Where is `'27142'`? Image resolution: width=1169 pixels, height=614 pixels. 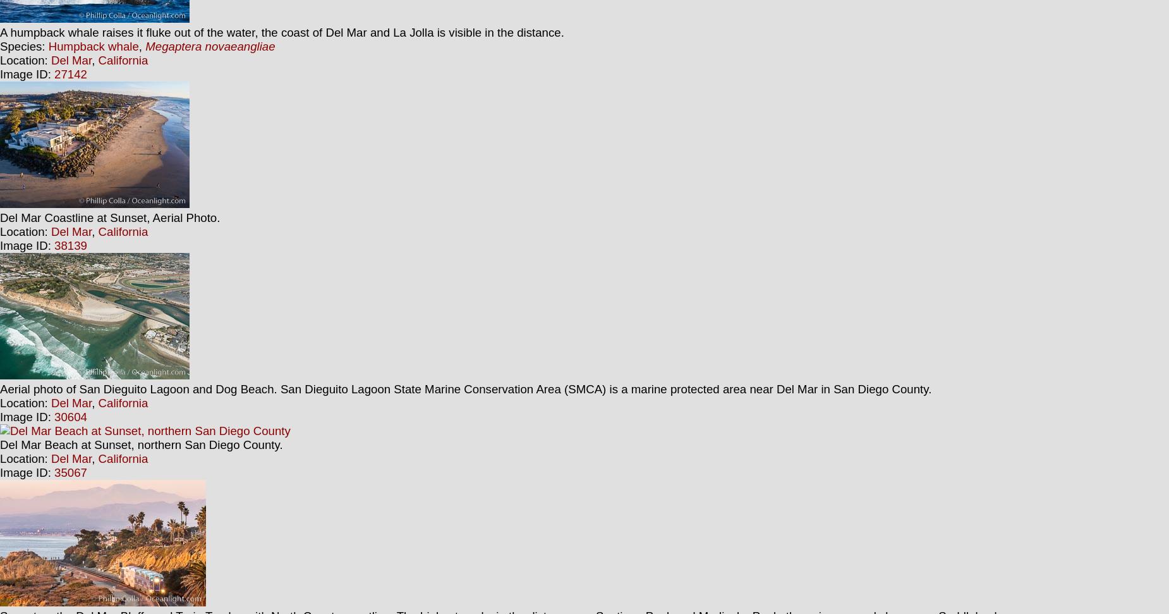 '27142' is located at coordinates (70, 74).